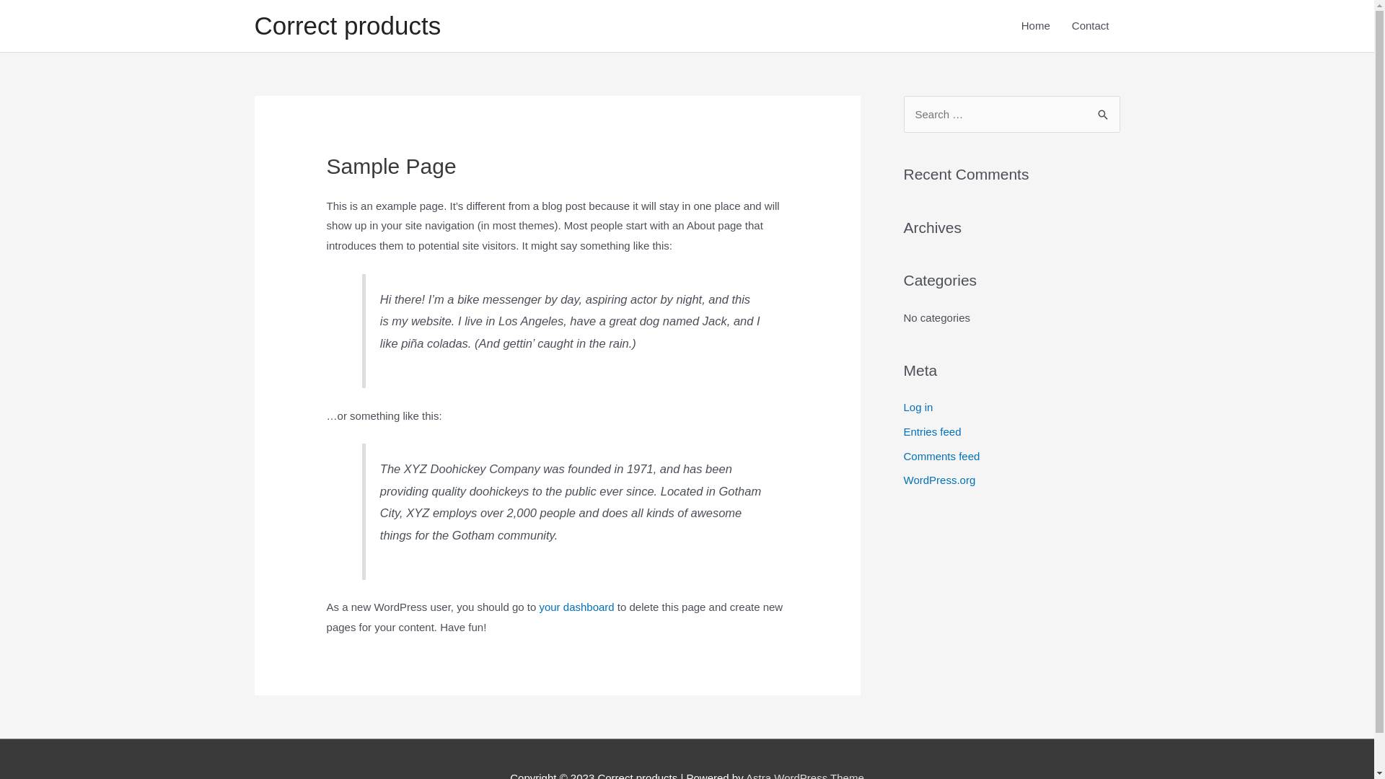  I want to click on 'Search', so click(1103, 110).